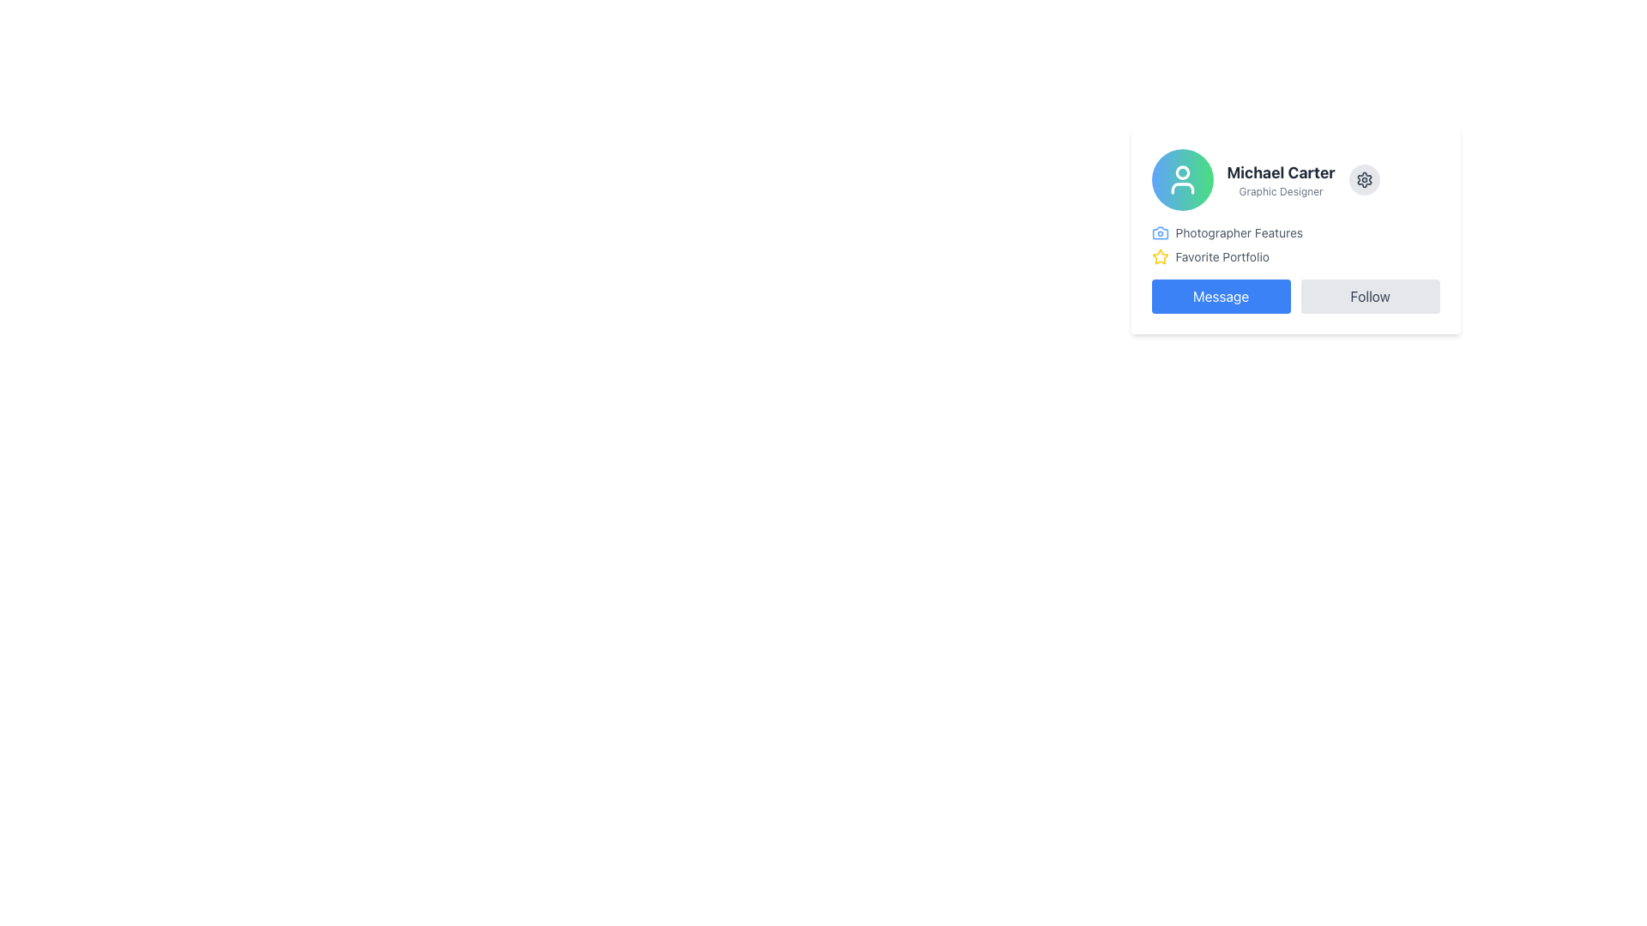  I want to click on the camera icon with a blue outline and white interior located next to 'Photographer Features' in the profile card section, so click(1160, 233).